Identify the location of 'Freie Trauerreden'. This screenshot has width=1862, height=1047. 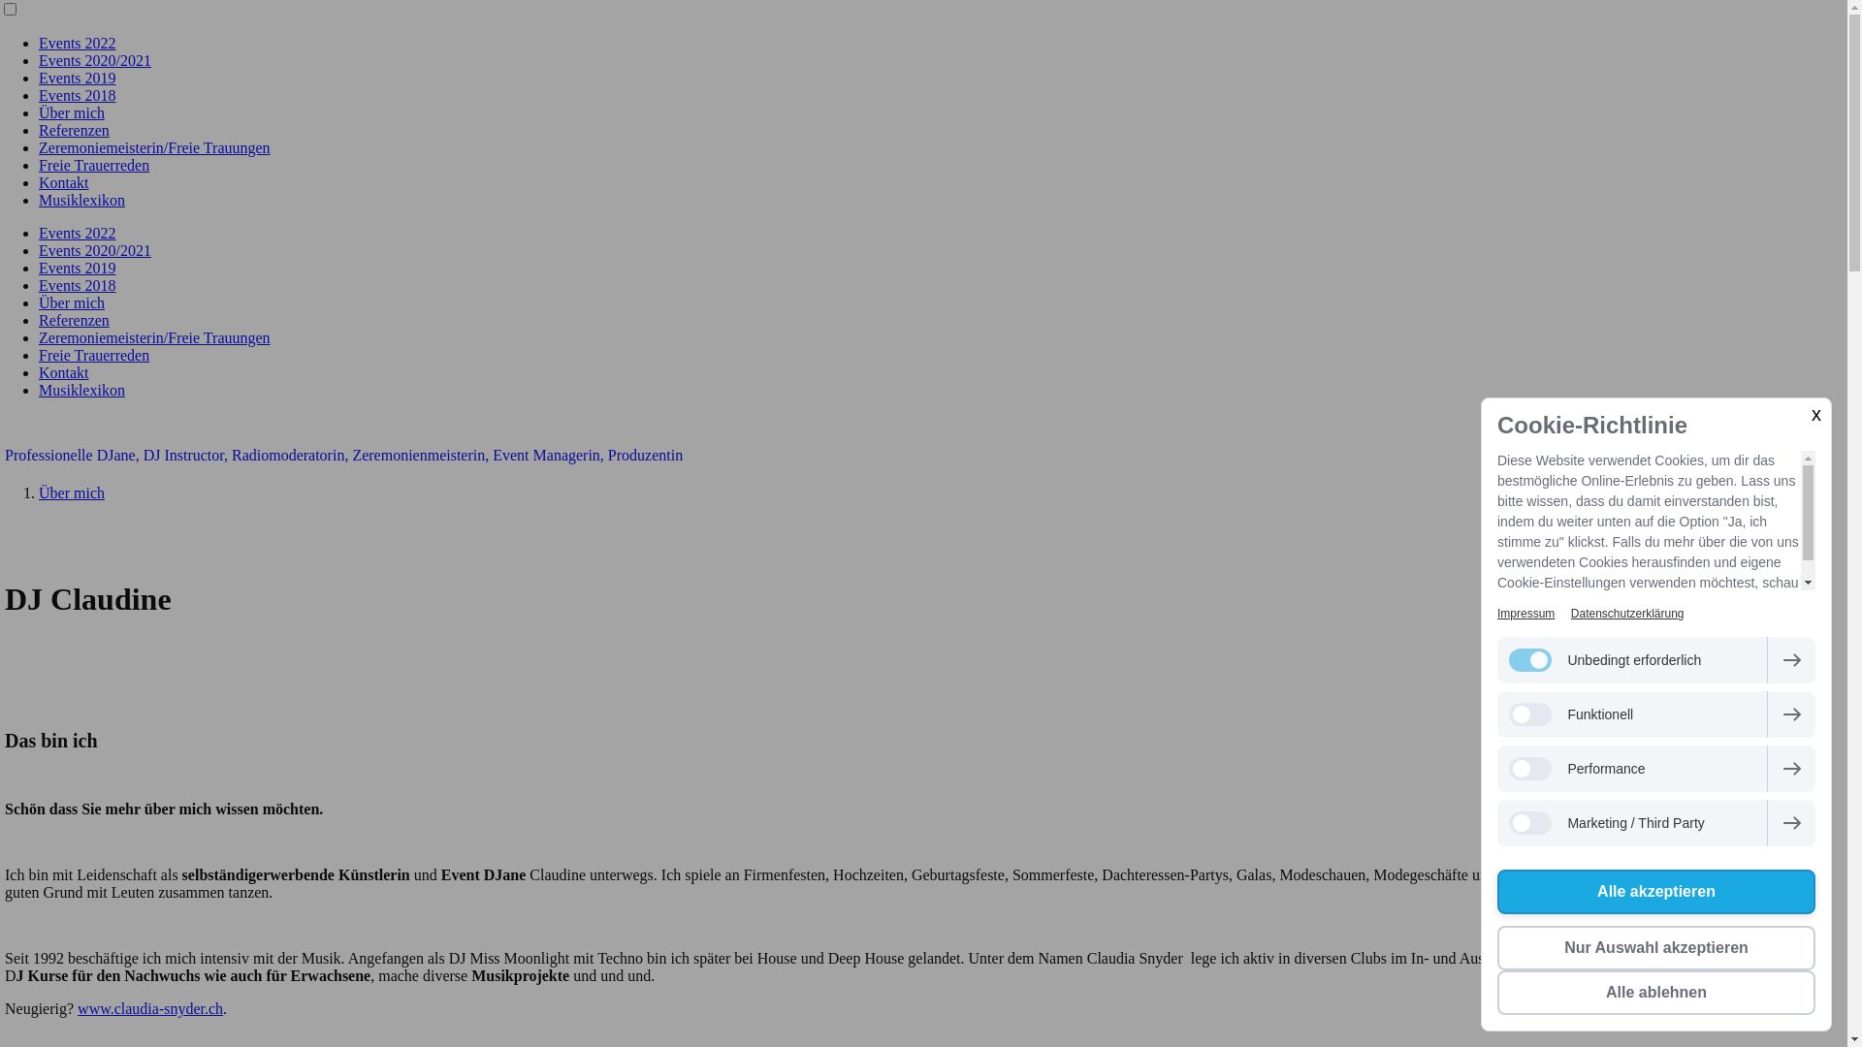
(92, 164).